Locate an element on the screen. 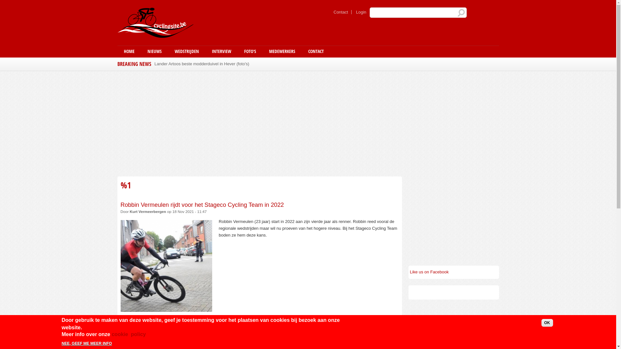 Image resolution: width=621 pixels, height=349 pixels. 'cookie  policy' is located at coordinates (129, 334).